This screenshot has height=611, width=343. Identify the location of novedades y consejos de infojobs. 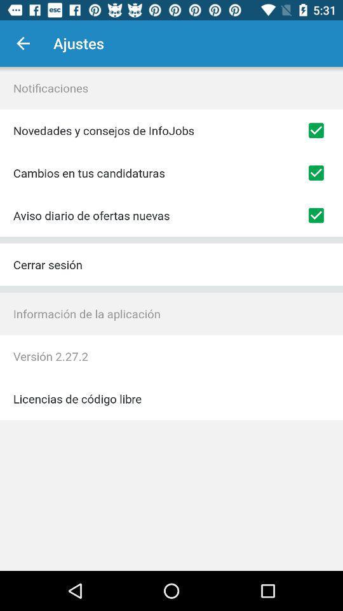
(315, 130).